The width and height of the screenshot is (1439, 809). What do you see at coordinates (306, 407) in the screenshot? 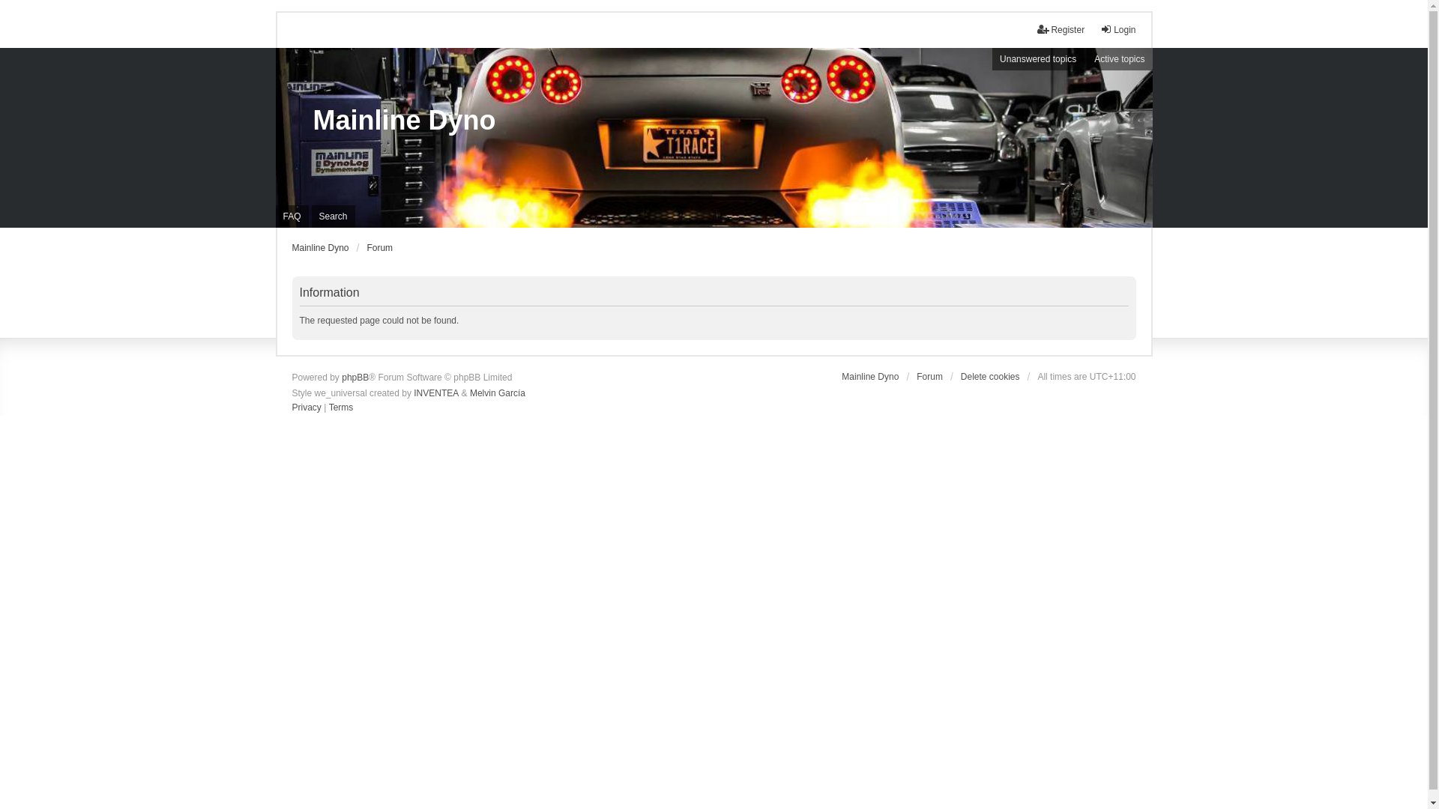
I see `'Privacy'` at bounding box center [306, 407].